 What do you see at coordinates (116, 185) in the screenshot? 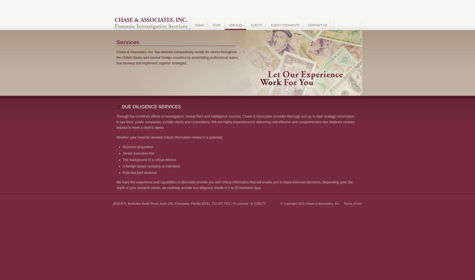
I see `'We have the experience and capabilities to discreetly provide you with critical information that will enable you to make informed decisions.  Depending upon the depth of your research needs, we routinely provide due diligence results in 5 to 20 business days.'` at bounding box center [116, 185].